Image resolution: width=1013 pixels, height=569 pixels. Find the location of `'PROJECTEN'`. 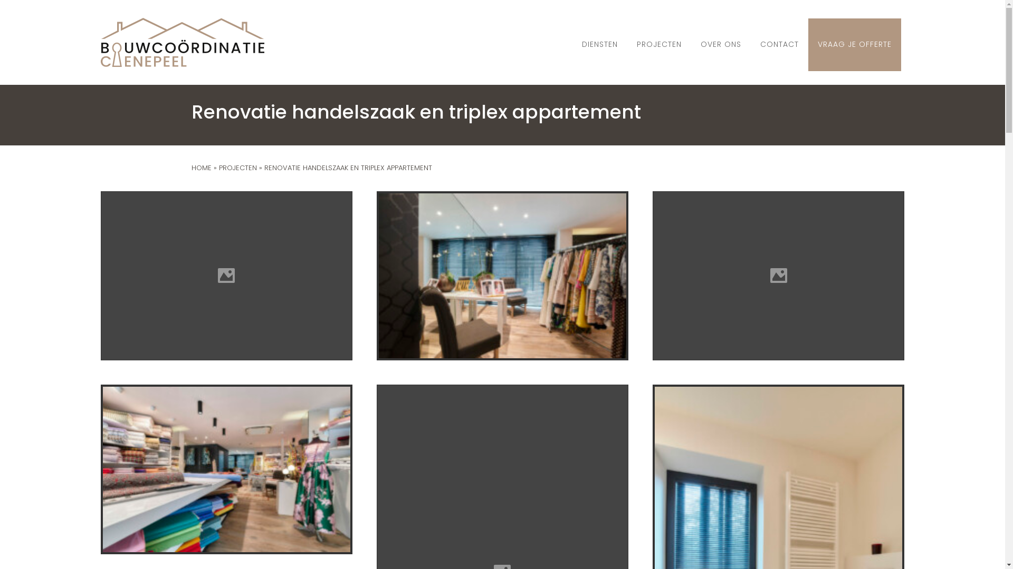

'PROJECTEN' is located at coordinates (237, 167).